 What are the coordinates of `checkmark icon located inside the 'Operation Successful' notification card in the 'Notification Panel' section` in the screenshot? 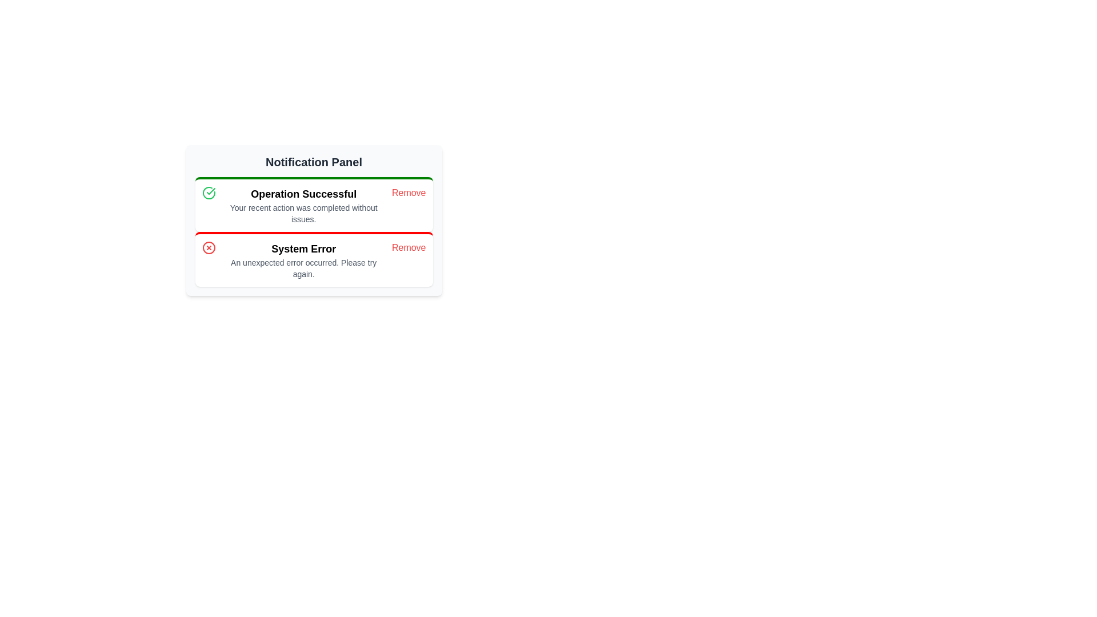 It's located at (211, 191).